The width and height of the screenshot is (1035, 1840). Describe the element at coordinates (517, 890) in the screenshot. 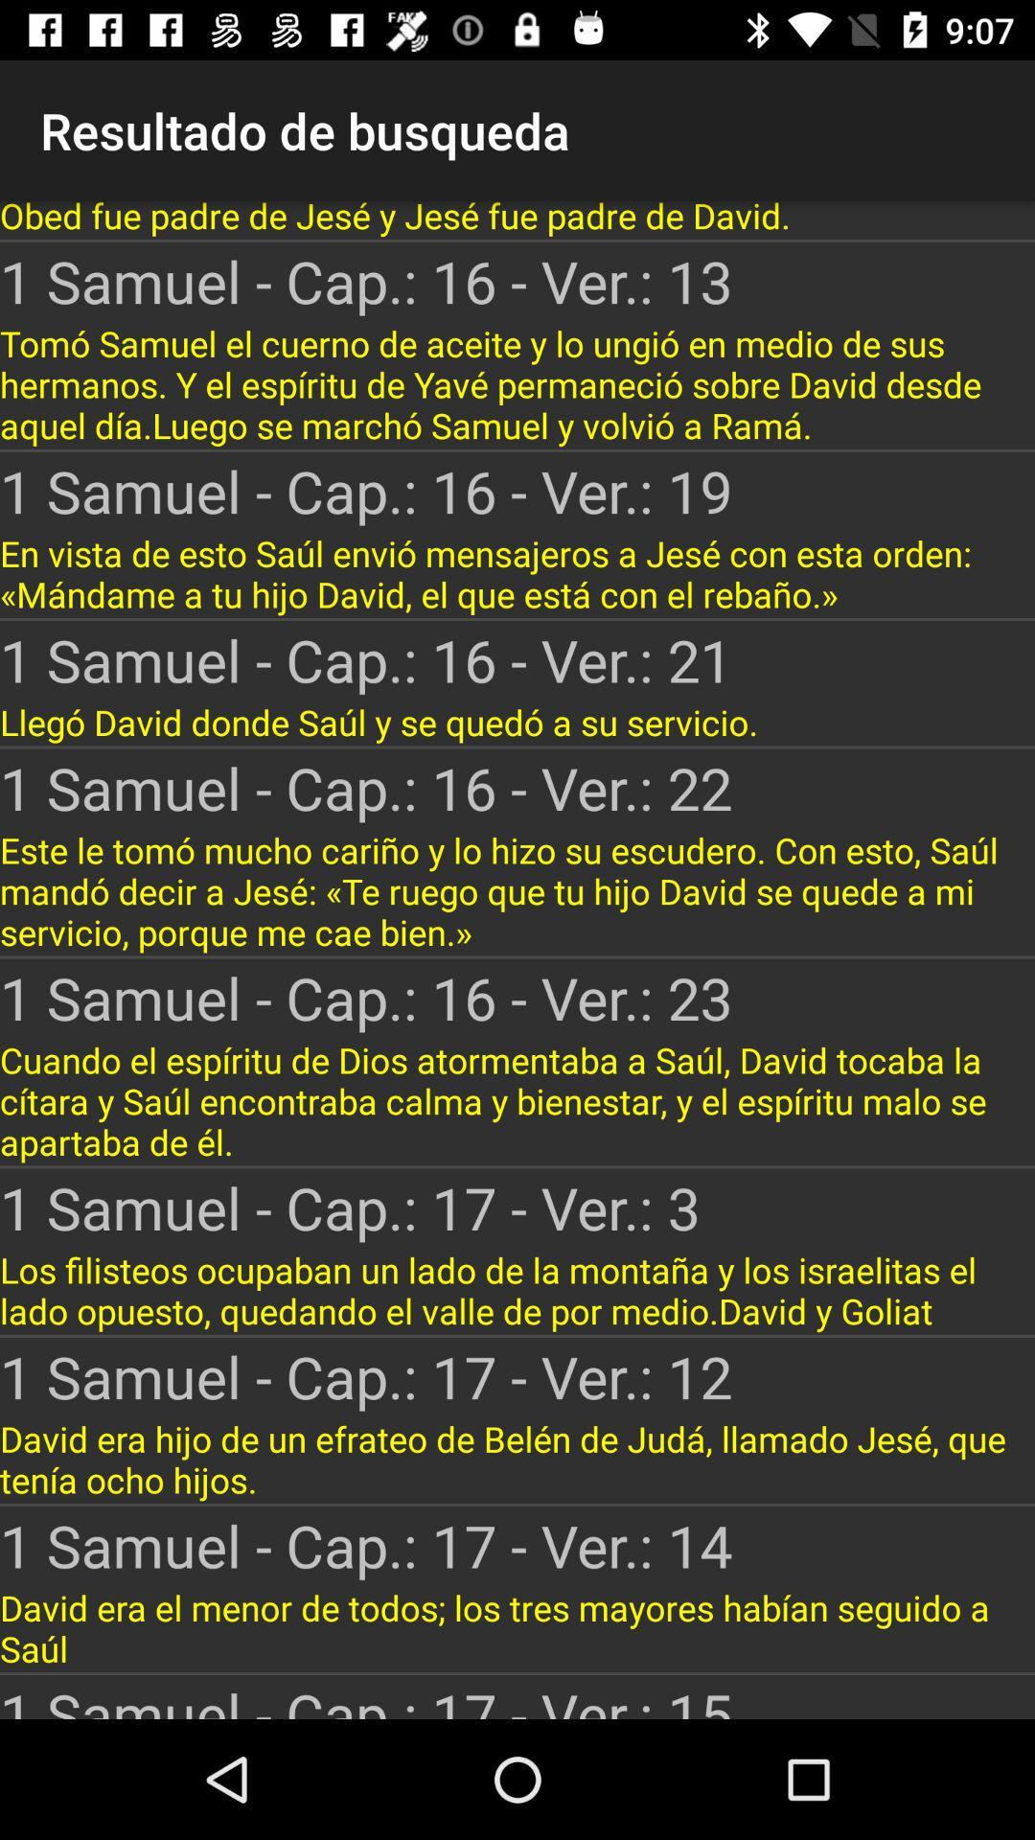

I see `app below 1 samuel cap item` at that location.